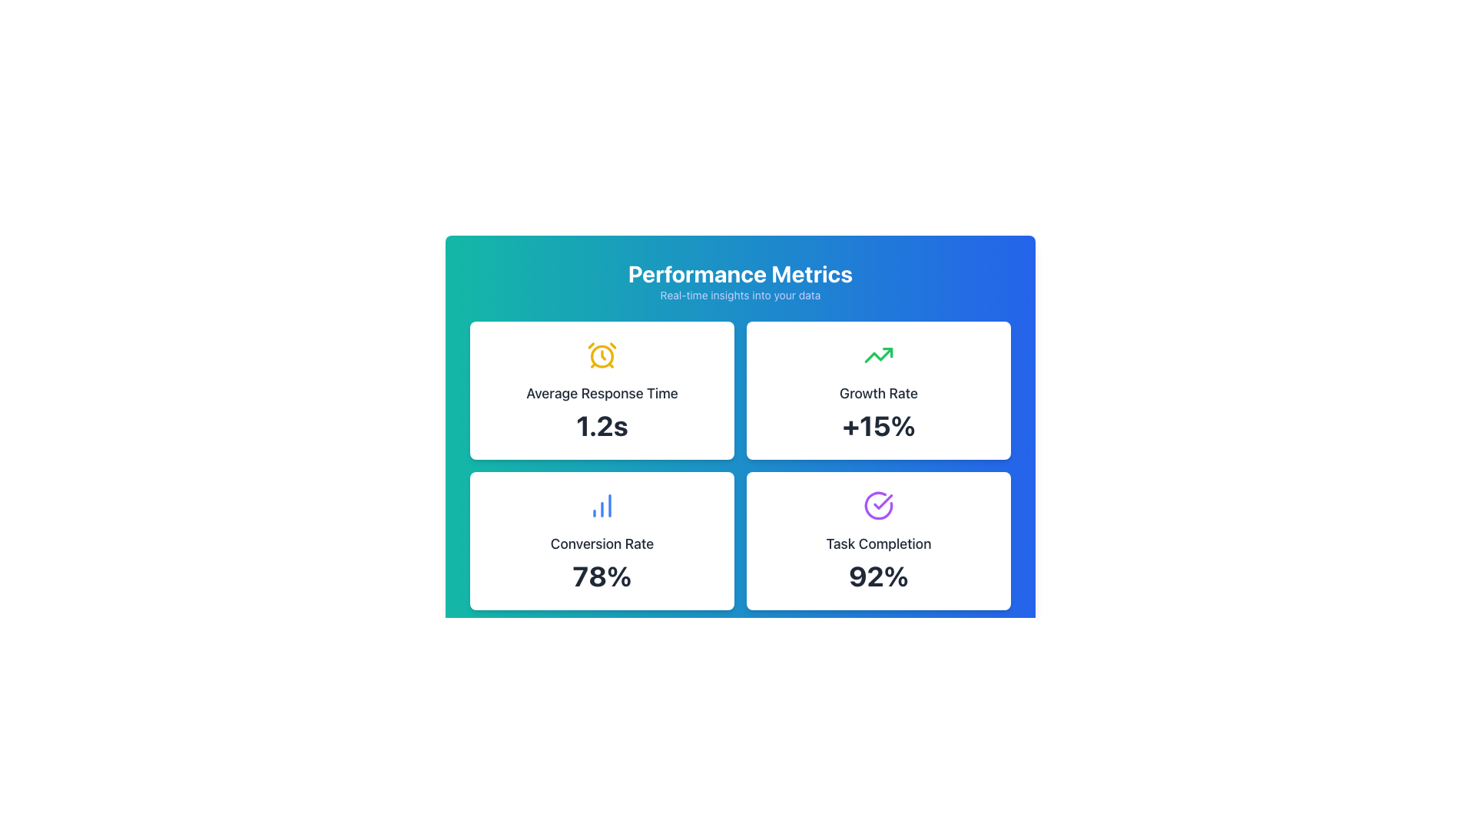  What do you see at coordinates (878, 390) in the screenshot?
I see `the information displayed on the growth rate metric card located in the top-right quadrant of the grid layout` at bounding box center [878, 390].